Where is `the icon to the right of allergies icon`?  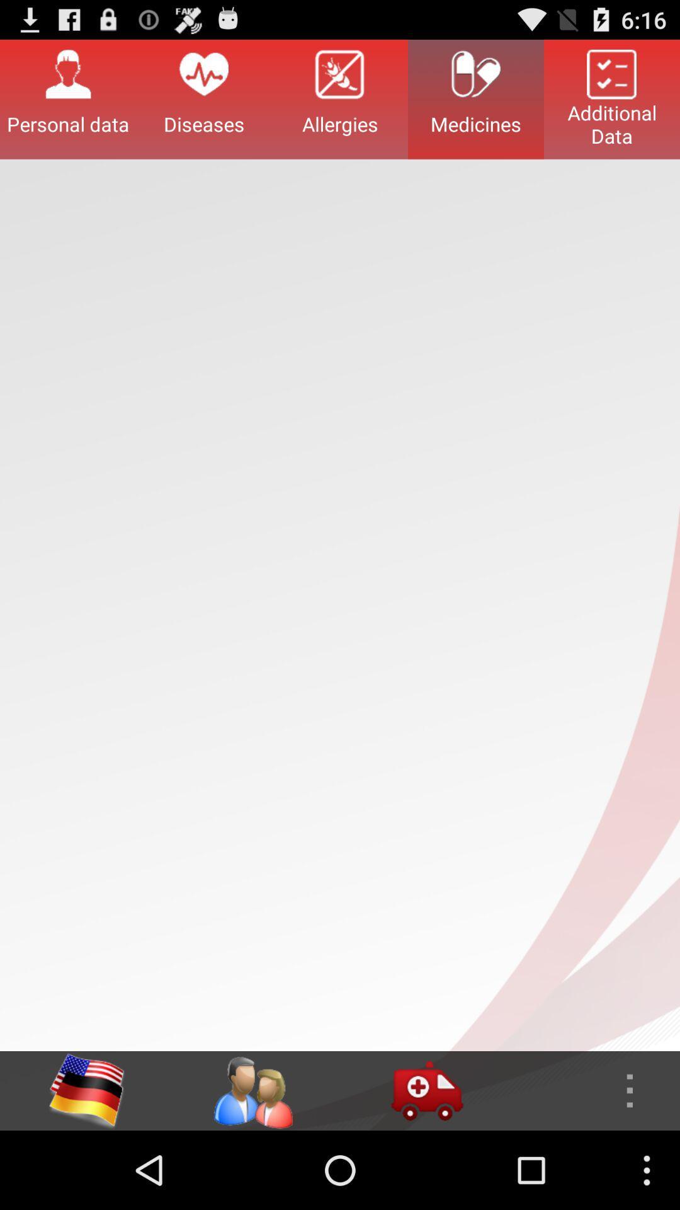
the icon to the right of allergies icon is located at coordinates (476, 98).